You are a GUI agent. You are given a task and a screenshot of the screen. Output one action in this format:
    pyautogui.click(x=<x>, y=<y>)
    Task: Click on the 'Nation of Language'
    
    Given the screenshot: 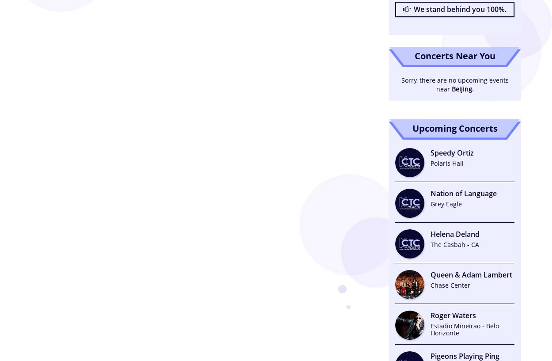 What is the action you would take?
    pyautogui.click(x=464, y=193)
    